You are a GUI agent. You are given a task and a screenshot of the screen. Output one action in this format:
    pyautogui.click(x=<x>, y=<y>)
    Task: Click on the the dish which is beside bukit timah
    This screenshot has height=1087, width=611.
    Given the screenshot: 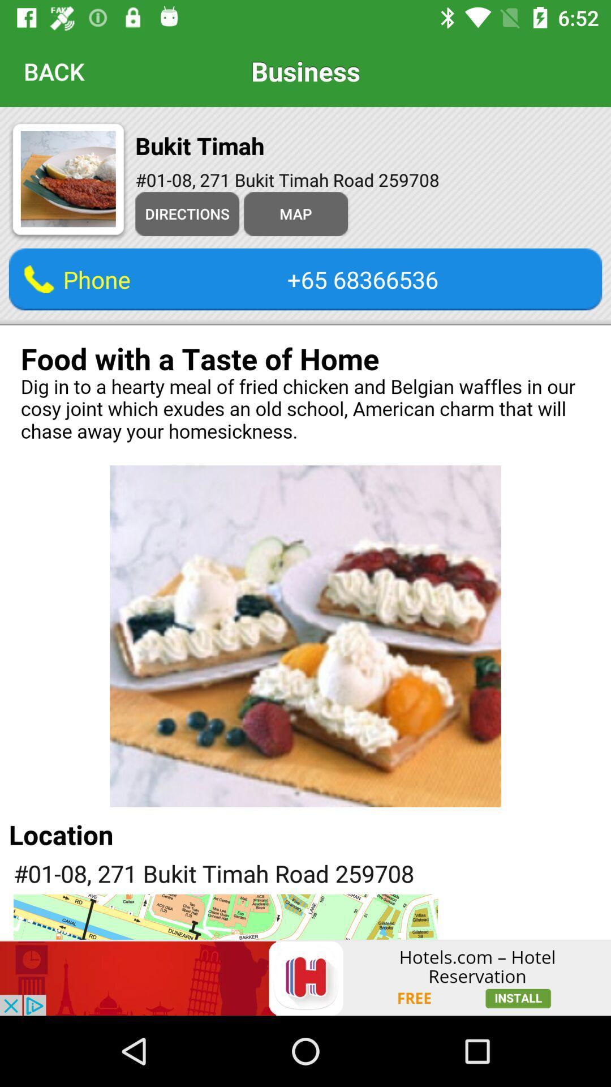 What is the action you would take?
    pyautogui.click(x=68, y=181)
    